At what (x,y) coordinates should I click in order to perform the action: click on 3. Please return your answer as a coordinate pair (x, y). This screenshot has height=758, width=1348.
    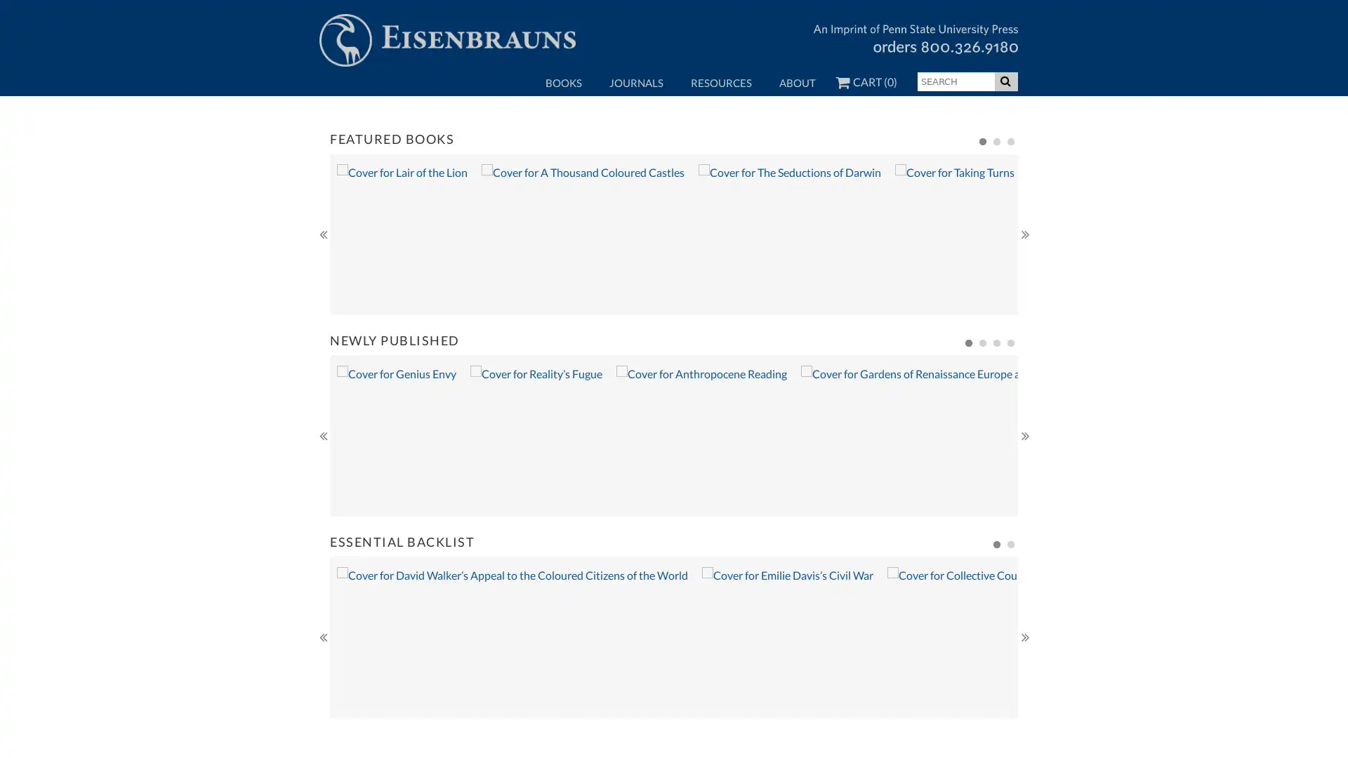
    Looking at the image, I should click on (996, 343).